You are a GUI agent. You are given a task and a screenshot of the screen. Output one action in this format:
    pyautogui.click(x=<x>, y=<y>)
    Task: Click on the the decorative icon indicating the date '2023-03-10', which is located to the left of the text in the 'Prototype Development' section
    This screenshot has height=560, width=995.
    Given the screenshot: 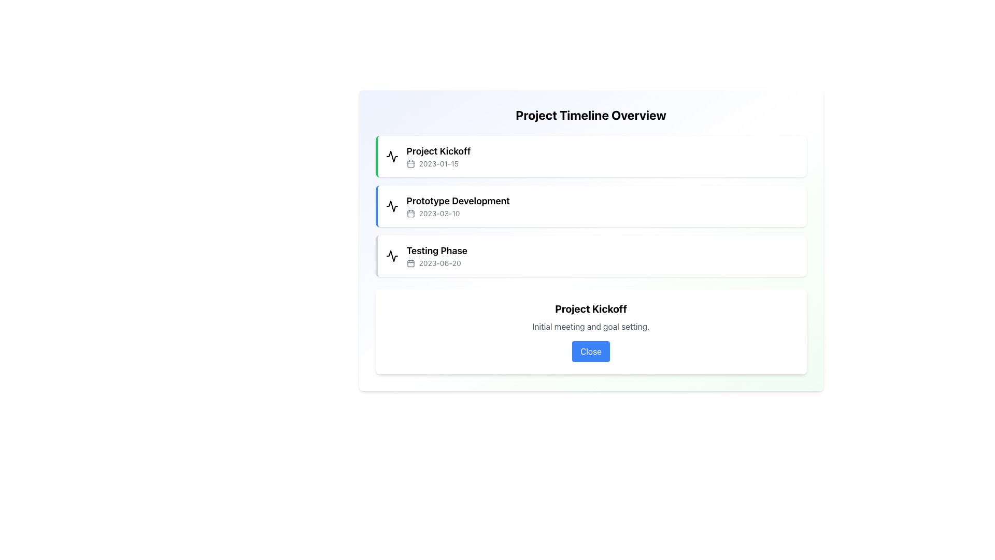 What is the action you would take?
    pyautogui.click(x=410, y=213)
    